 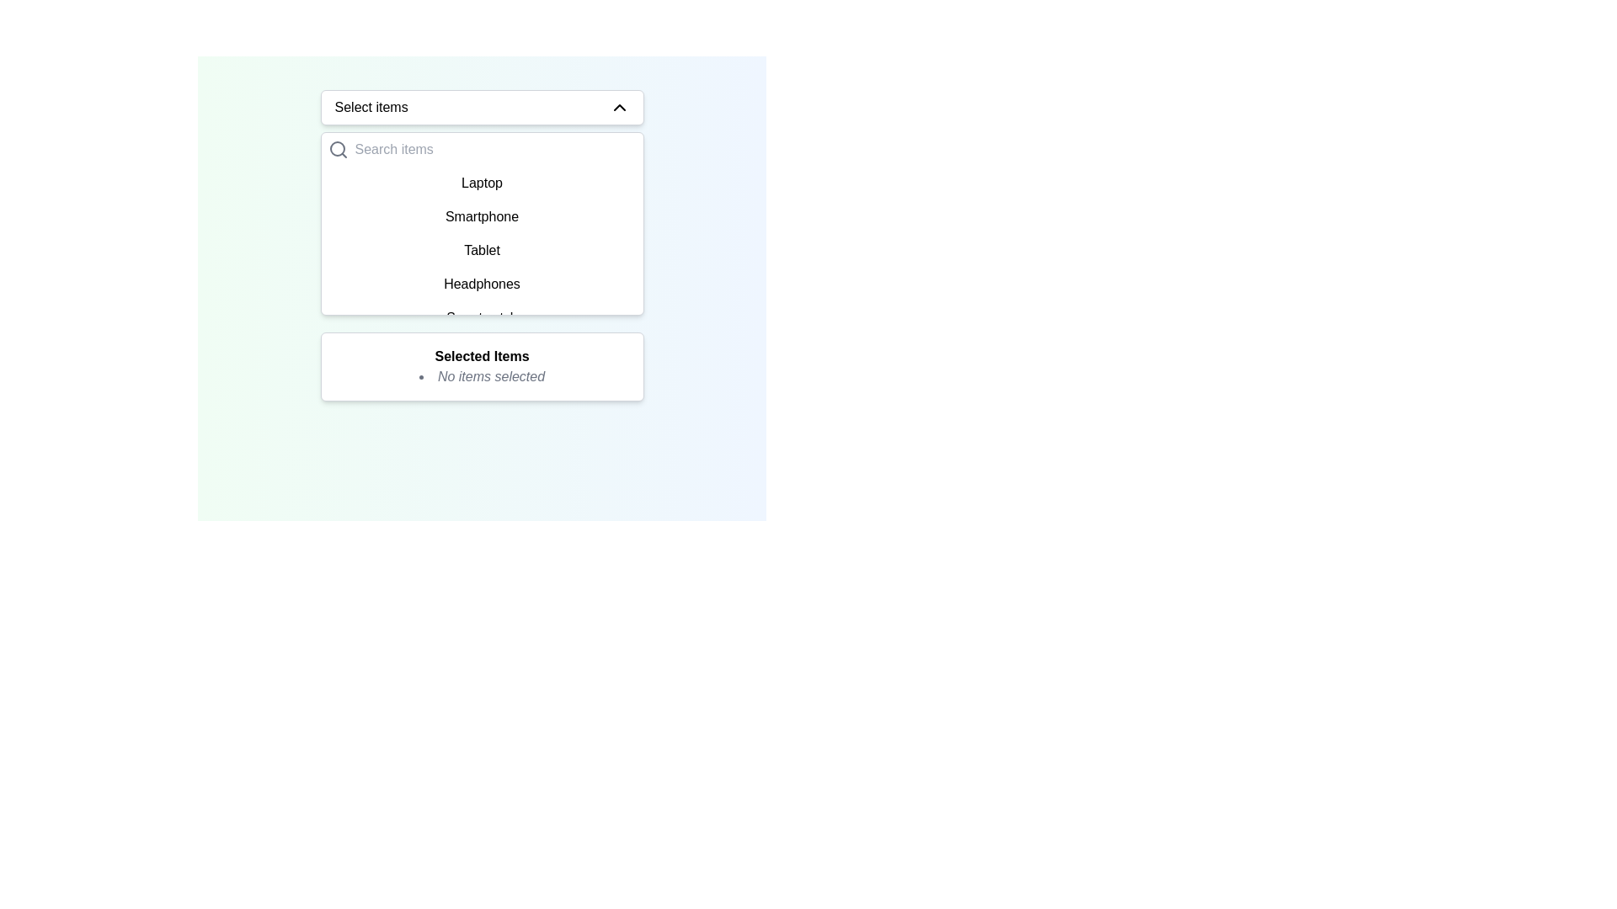 What do you see at coordinates (481, 284) in the screenshot?
I see `the 'Headphones' option in the dropdown menu` at bounding box center [481, 284].